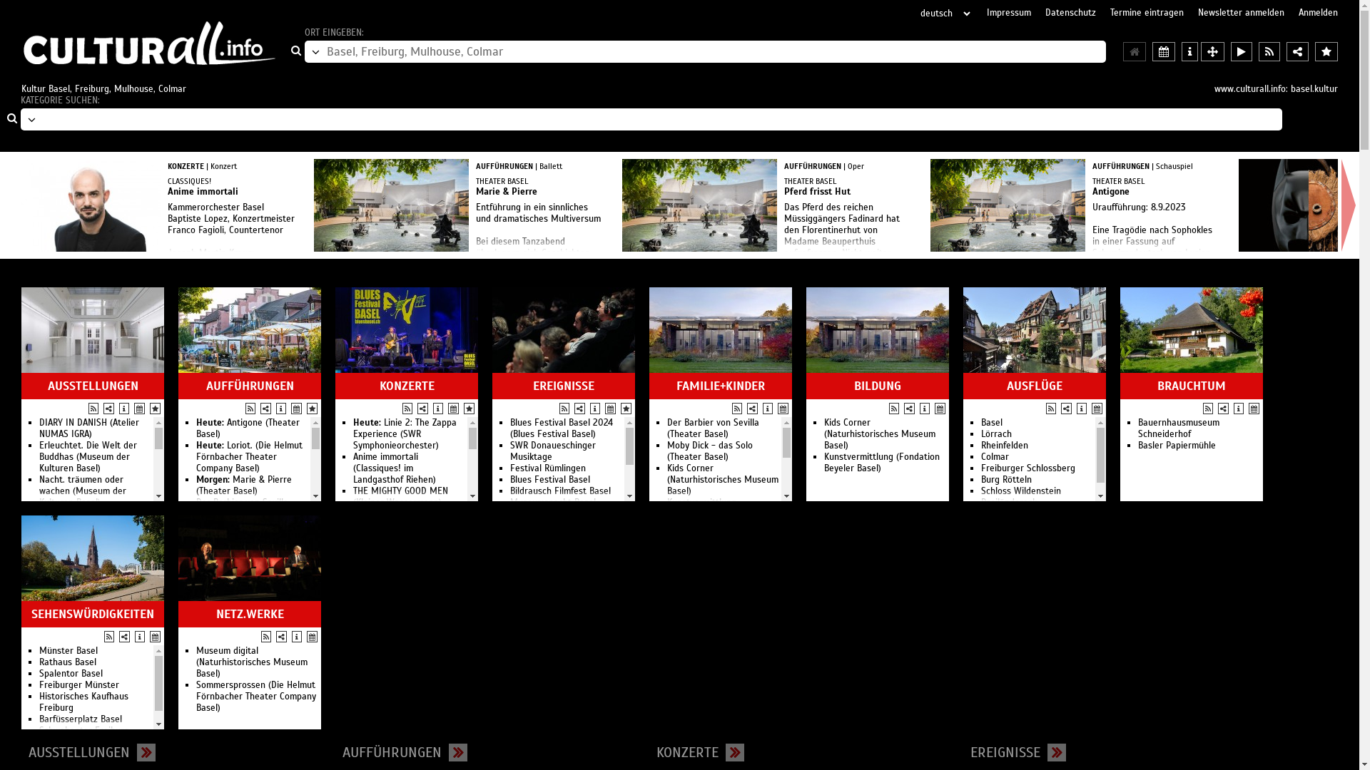 Image resolution: width=1370 pixels, height=770 pixels. I want to click on 'Rheinfelden', so click(980, 444).